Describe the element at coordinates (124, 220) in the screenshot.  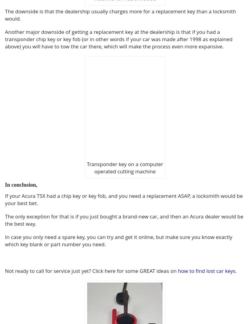
I see `'The only exception for that is if you just bought a brand-new car, and then an Acura dealer would be the best way.'` at that location.